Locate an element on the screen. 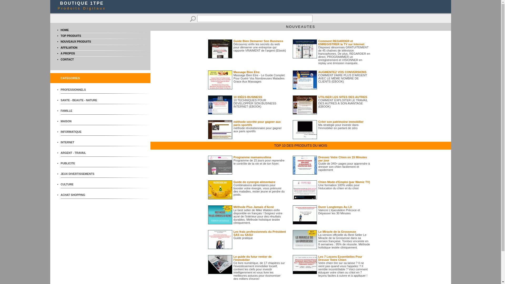  'Comment REGARDER et ENREGISTRER la TV sur Internet' is located at coordinates (341, 42).